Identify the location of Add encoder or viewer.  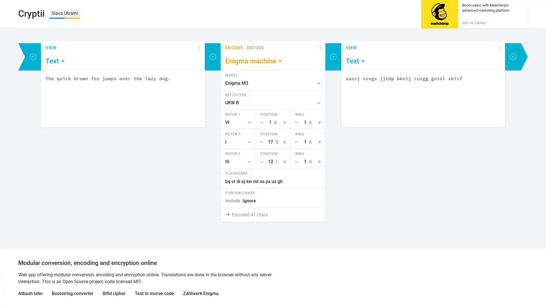
(333, 57).